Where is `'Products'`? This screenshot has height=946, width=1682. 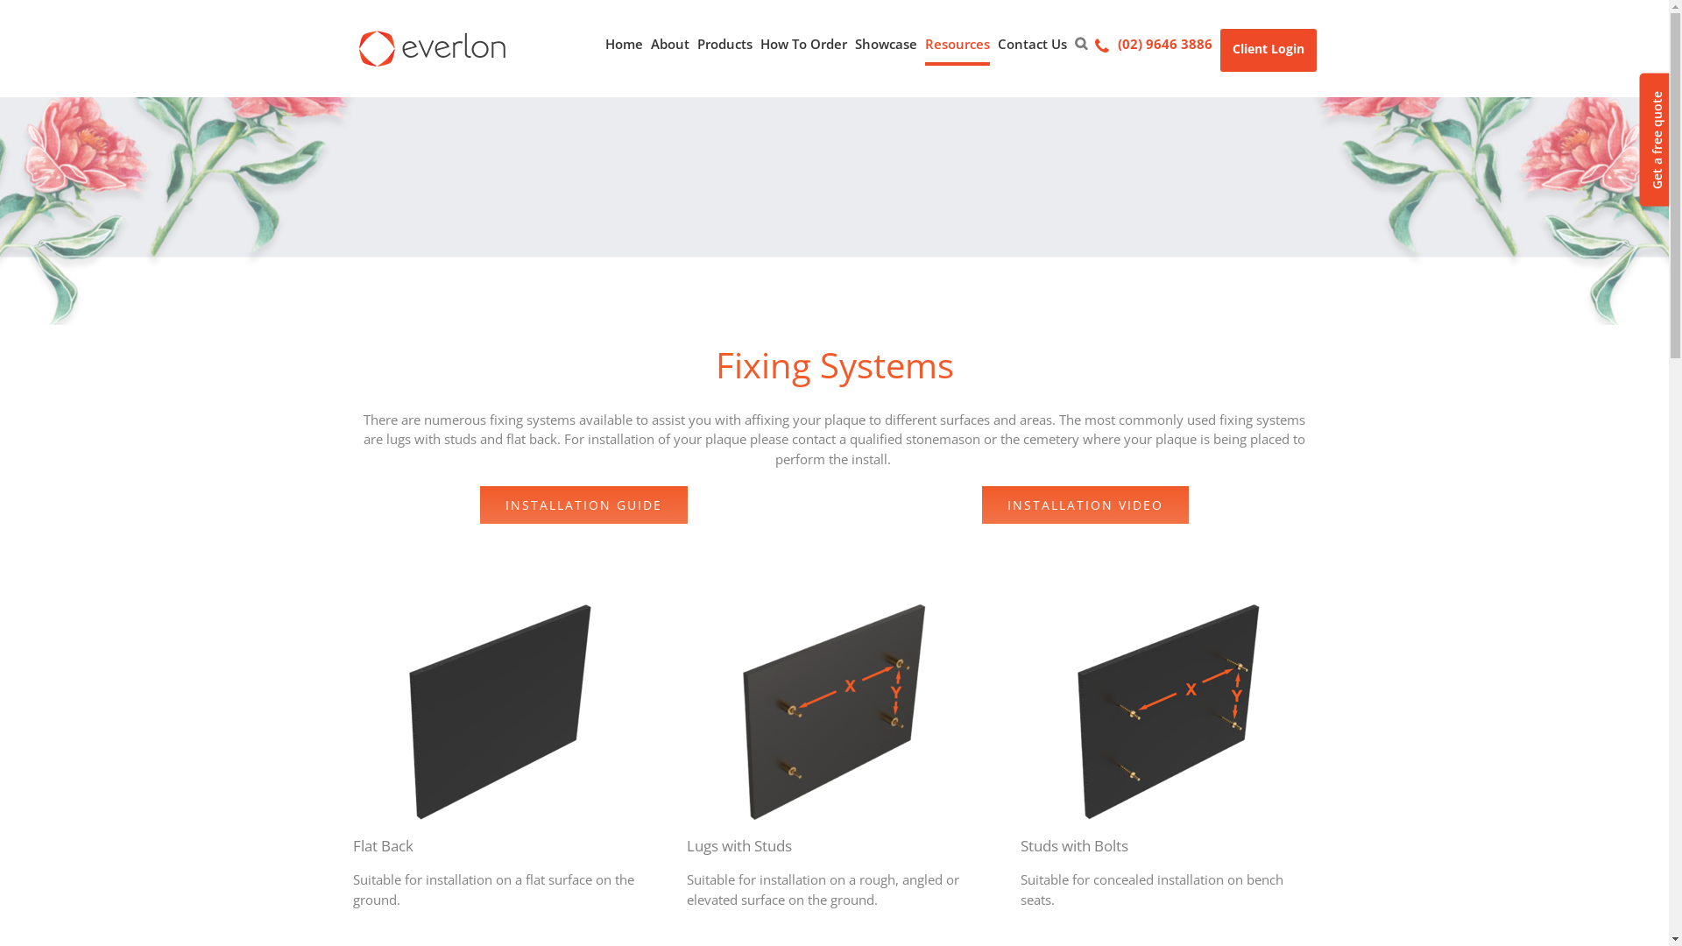 'Products' is located at coordinates (724, 44).